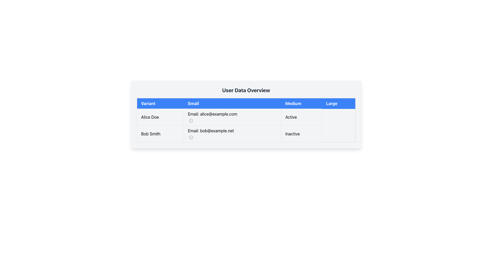 The width and height of the screenshot is (495, 278). Describe the element at coordinates (232, 117) in the screenshot. I see `the text node displaying 'Email: alice@example.com', which is located in the second cell of the first row of a table layout, positioned under the 'Small' header` at that location.